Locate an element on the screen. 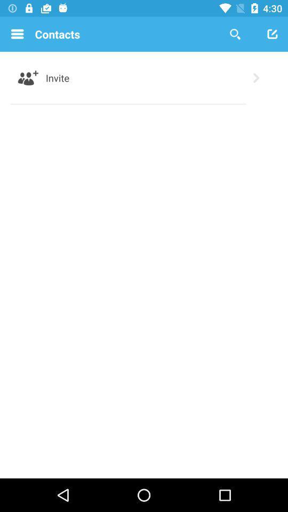  icon to the right of the invite item is located at coordinates (255, 77).